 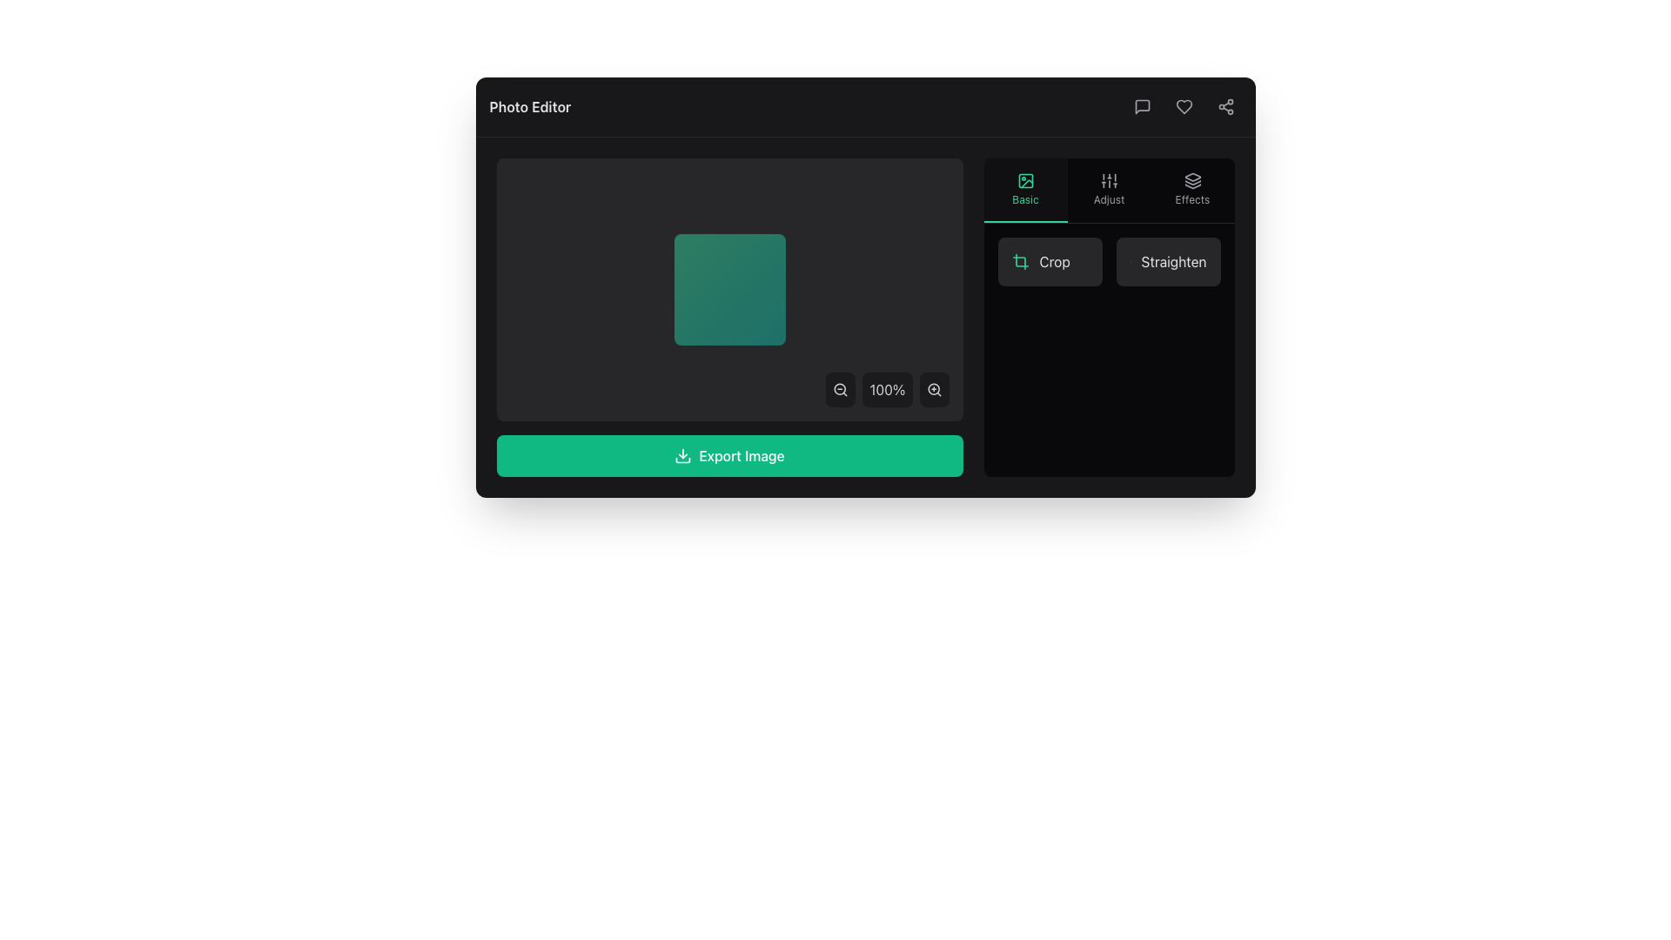 What do you see at coordinates (1054, 261) in the screenshot?
I see `label text 'Crop' styled in light gray color, part of a compact button structure in the 'Basic' category of the right toolbar` at bounding box center [1054, 261].